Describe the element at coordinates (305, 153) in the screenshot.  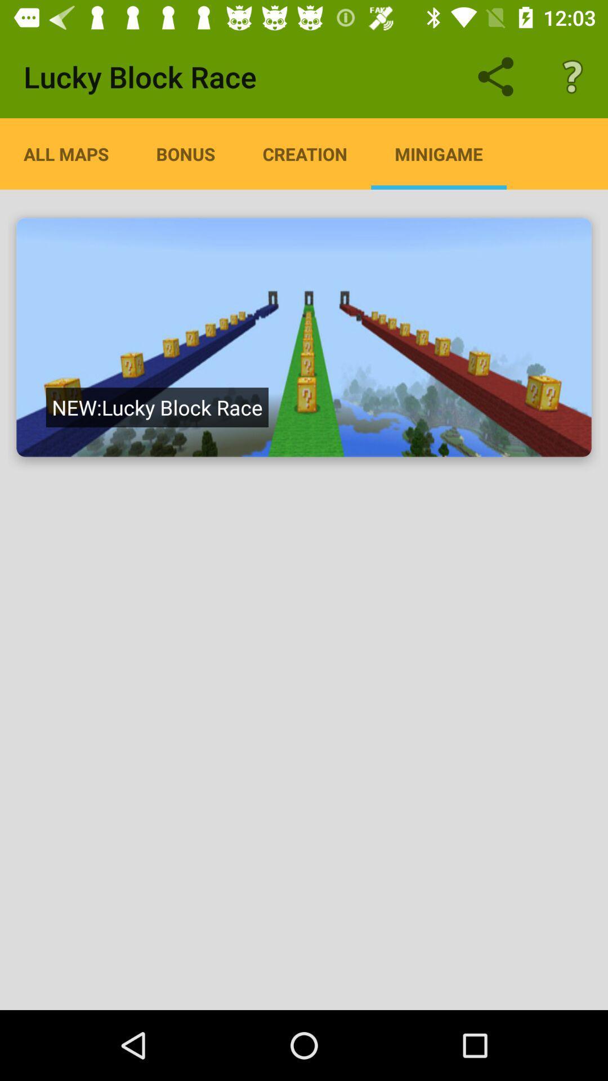
I see `item below the lucky block race` at that location.